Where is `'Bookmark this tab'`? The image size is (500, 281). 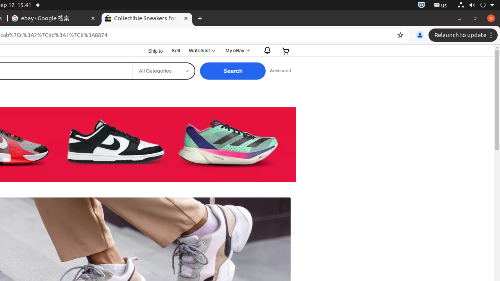
'Bookmark this tab' is located at coordinates (400, 35).